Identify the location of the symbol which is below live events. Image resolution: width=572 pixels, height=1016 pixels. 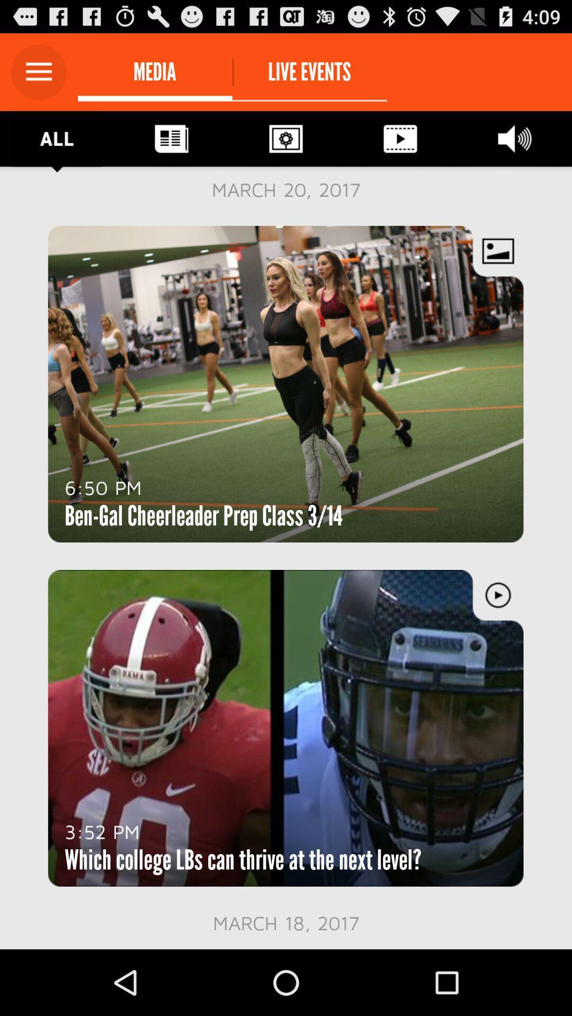
(286, 139).